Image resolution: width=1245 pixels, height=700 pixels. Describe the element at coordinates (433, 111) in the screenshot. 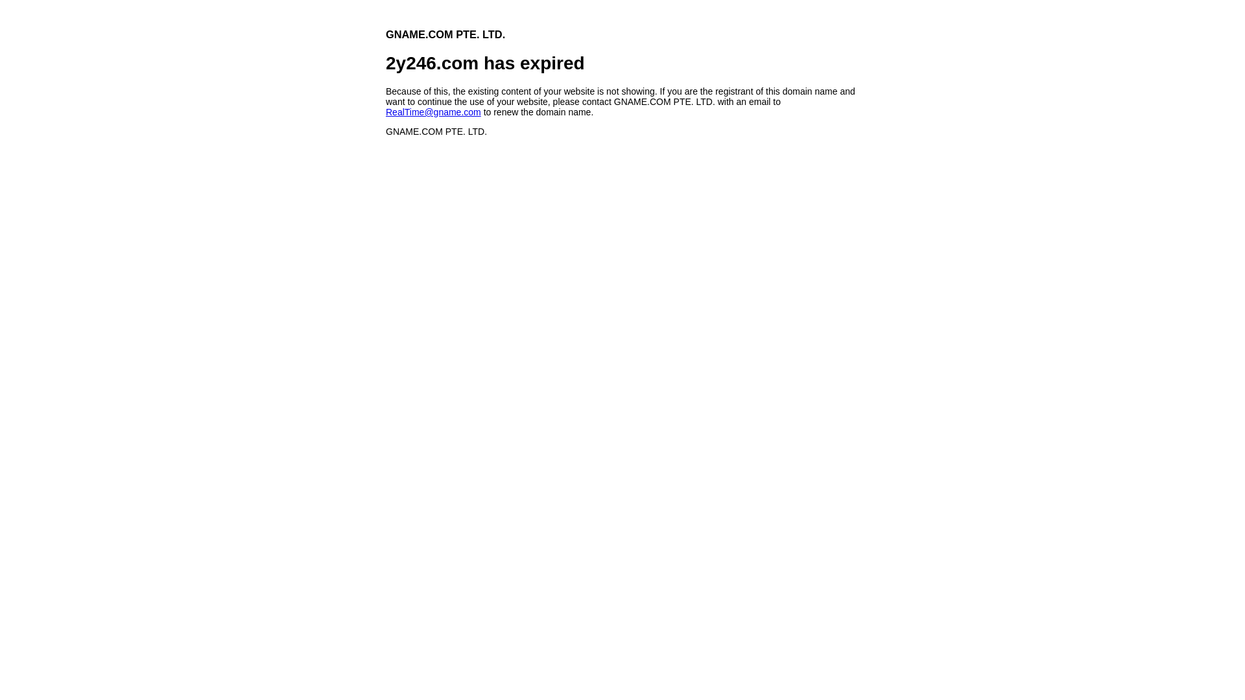

I see `'RealTime@gname.com'` at that location.